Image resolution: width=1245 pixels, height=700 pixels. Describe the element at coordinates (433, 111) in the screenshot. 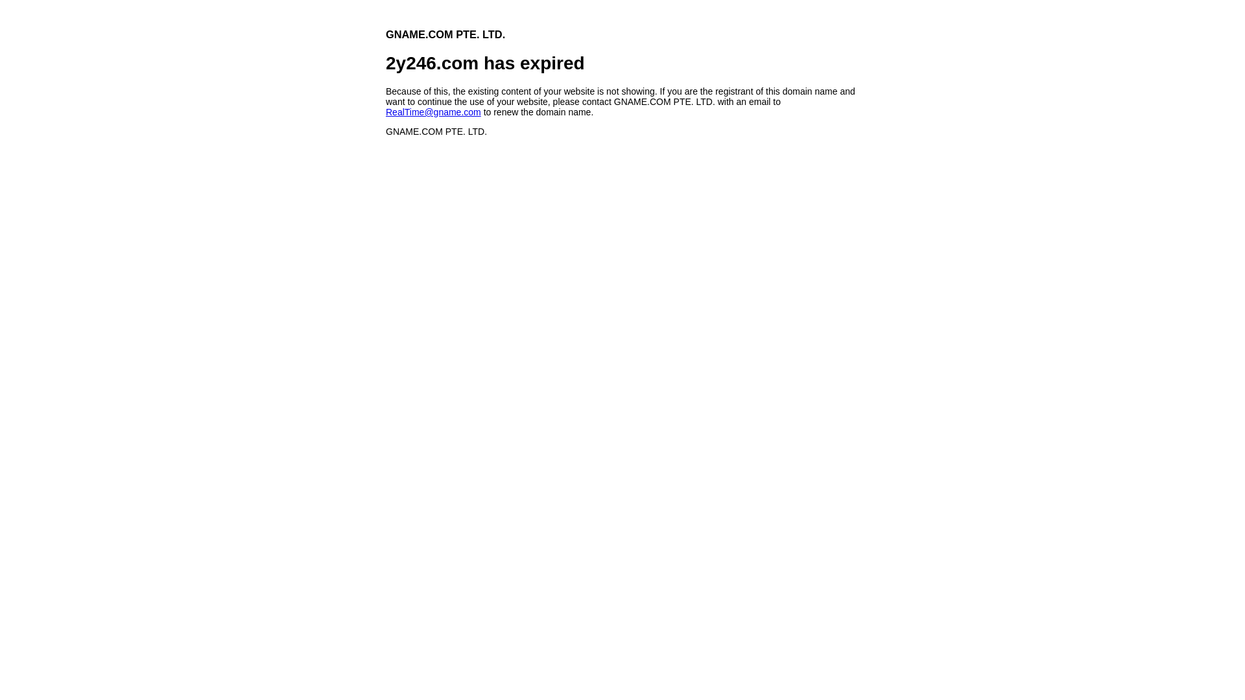

I see `'RealTime@gname.com'` at that location.